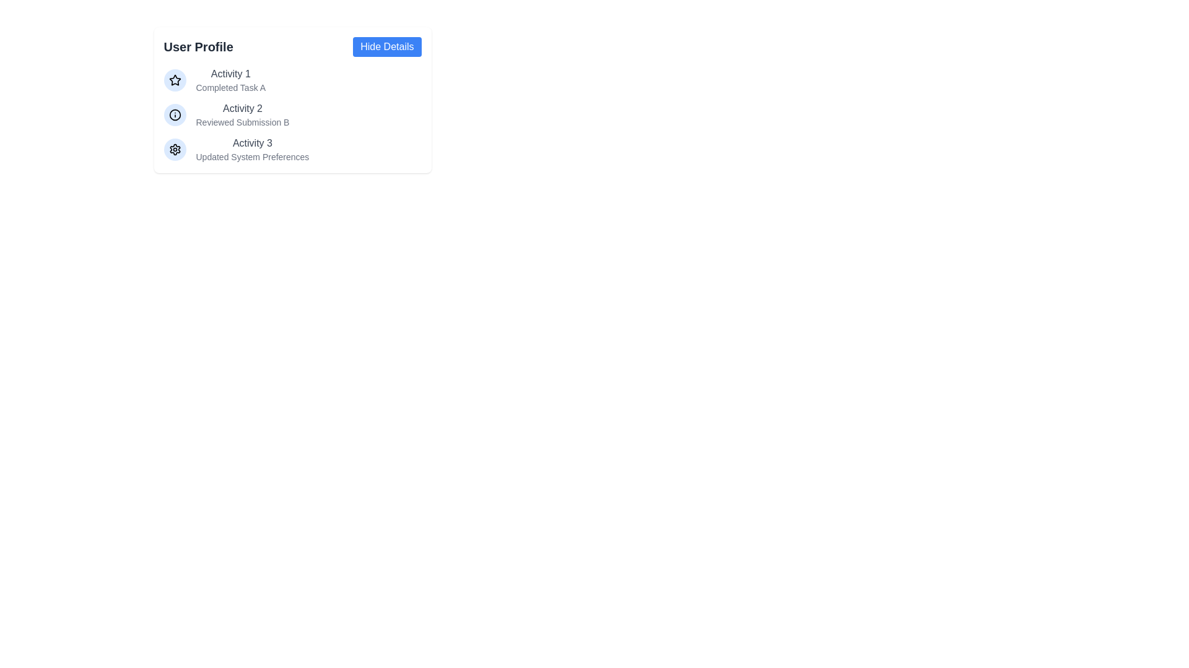 This screenshot has height=668, width=1189. I want to click on the text label that provides a description or status update related to 'Activity 2', which is located directly under the 'Activity 2' title in the user profile card, so click(243, 122).